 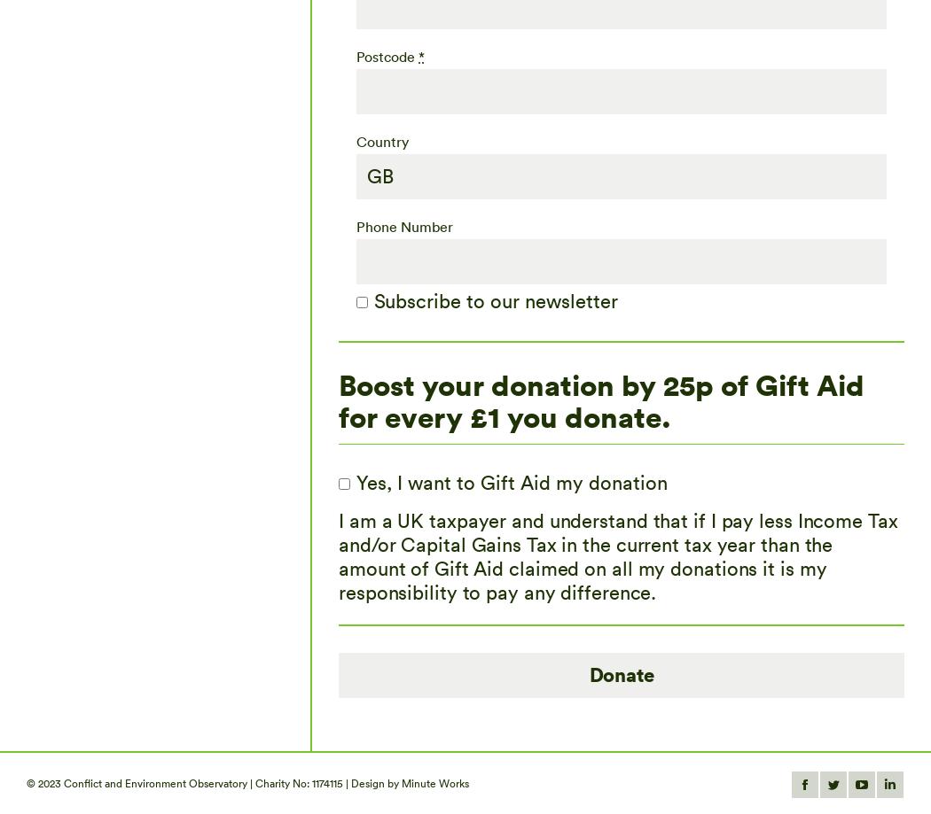 I want to click on 'Boost your donation by 25p of Gift Aid for every £1 you donate.', so click(x=601, y=399).